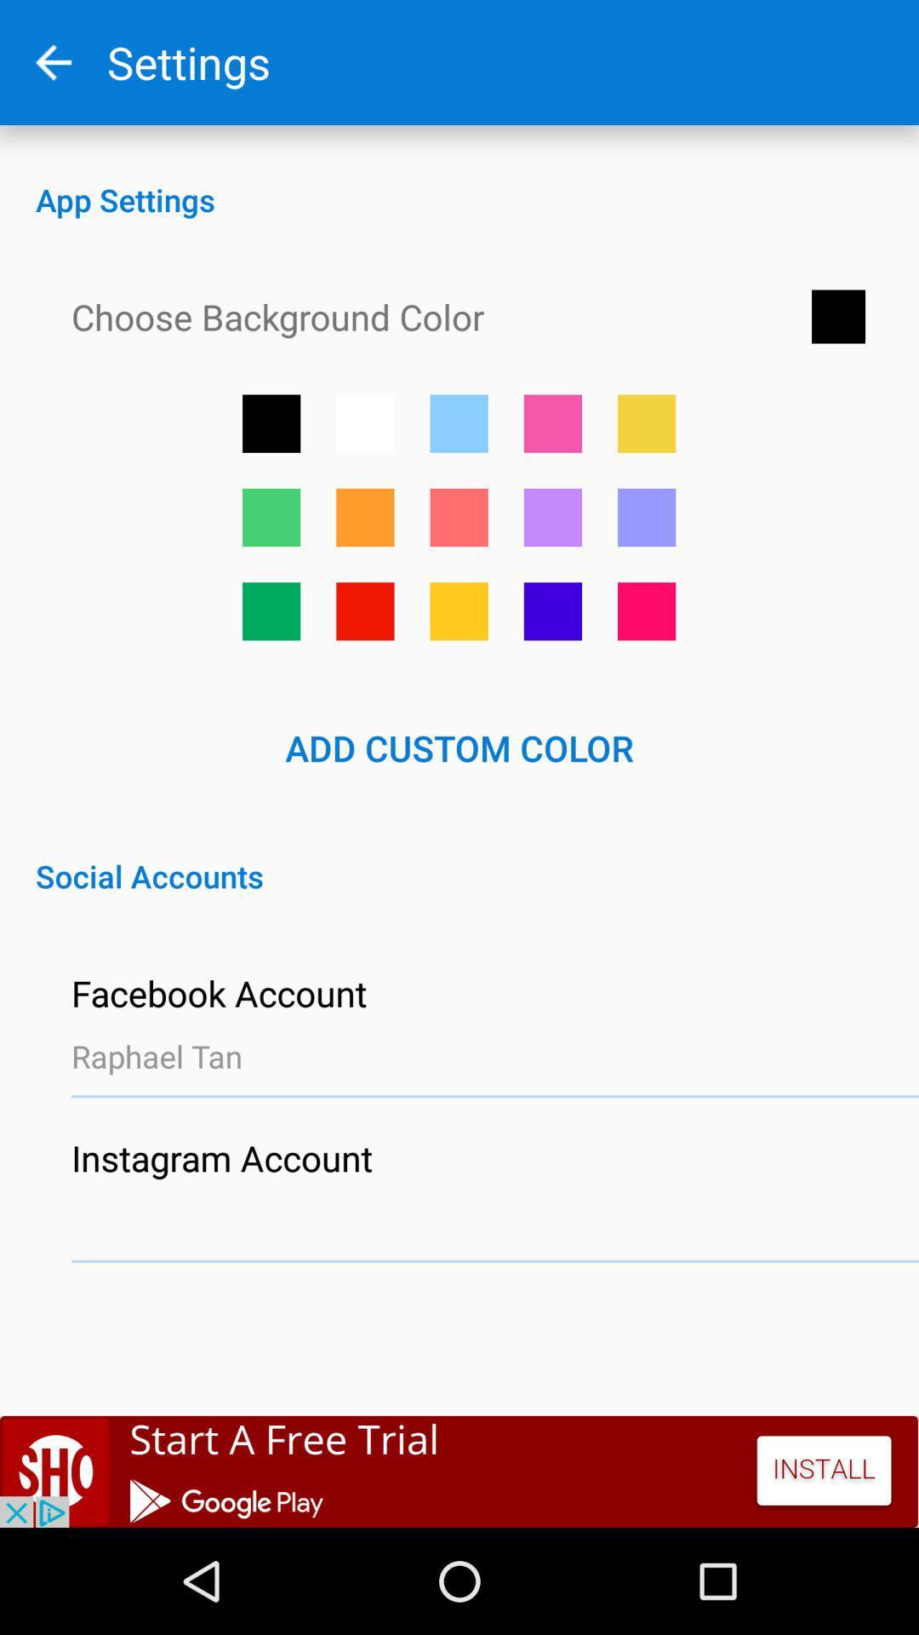 Image resolution: width=919 pixels, height=1635 pixels. What do you see at coordinates (458, 516) in the screenshot?
I see `selected color` at bounding box center [458, 516].